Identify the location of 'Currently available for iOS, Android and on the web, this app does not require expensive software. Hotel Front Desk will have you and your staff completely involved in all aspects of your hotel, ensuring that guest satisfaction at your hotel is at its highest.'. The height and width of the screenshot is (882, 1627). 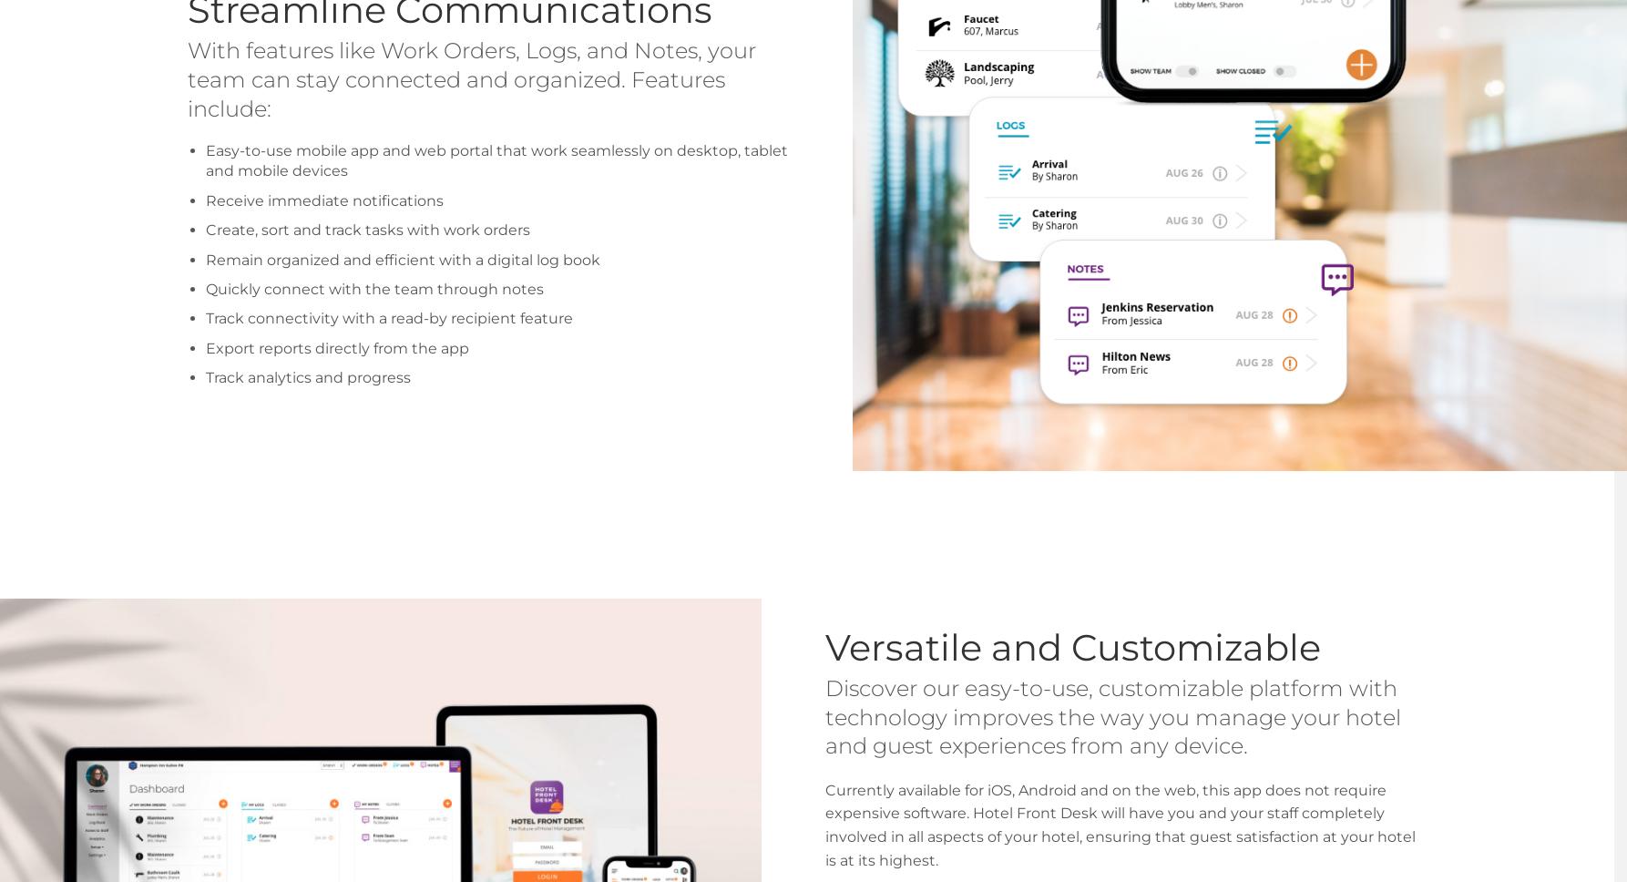
(1120, 824).